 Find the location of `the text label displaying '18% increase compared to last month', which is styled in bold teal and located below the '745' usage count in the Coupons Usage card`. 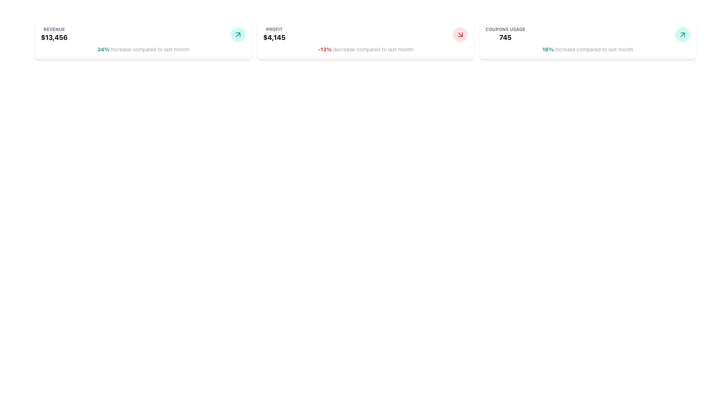

the text label displaying '18% increase compared to last month', which is styled in bold teal and located below the '745' usage count in the Coupons Usage card is located at coordinates (588, 50).